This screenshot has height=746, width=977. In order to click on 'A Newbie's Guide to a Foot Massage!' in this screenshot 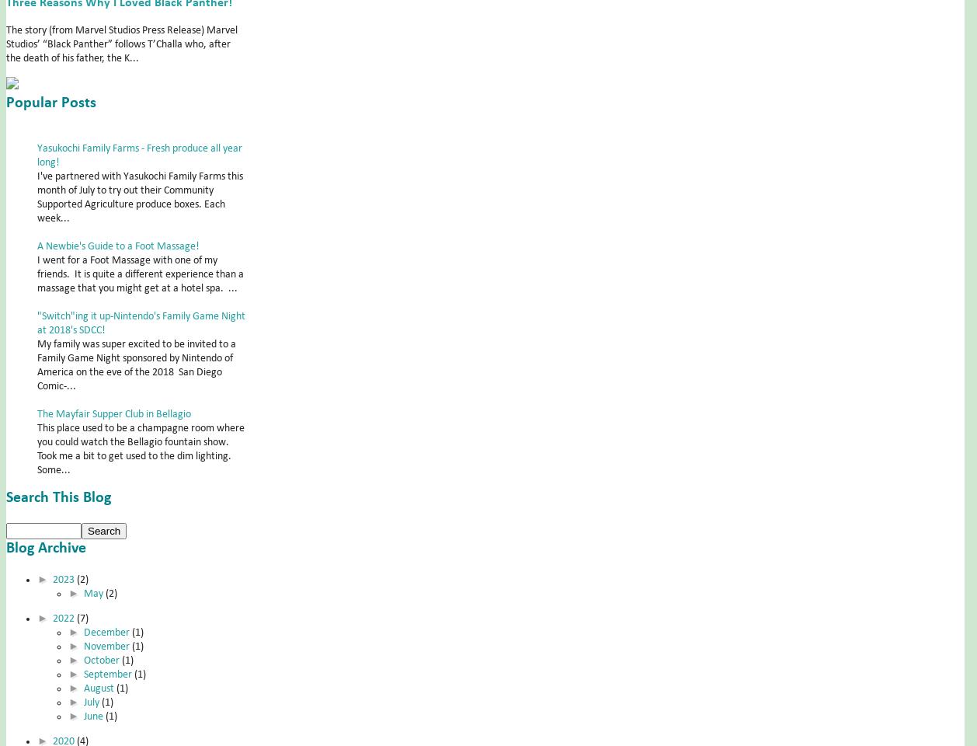, I will do `click(118, 246)`.